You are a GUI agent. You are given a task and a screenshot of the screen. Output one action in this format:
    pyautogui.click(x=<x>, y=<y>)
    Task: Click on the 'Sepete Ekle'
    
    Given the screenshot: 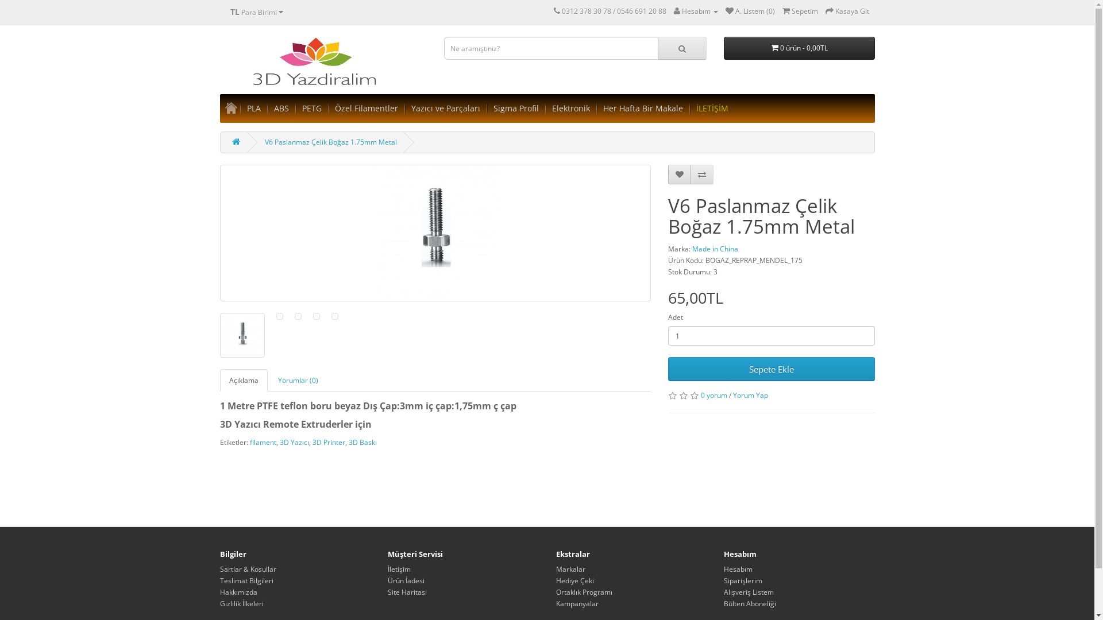 What is the action you would take?
    pyautogui.click(x=771, y=369)
    